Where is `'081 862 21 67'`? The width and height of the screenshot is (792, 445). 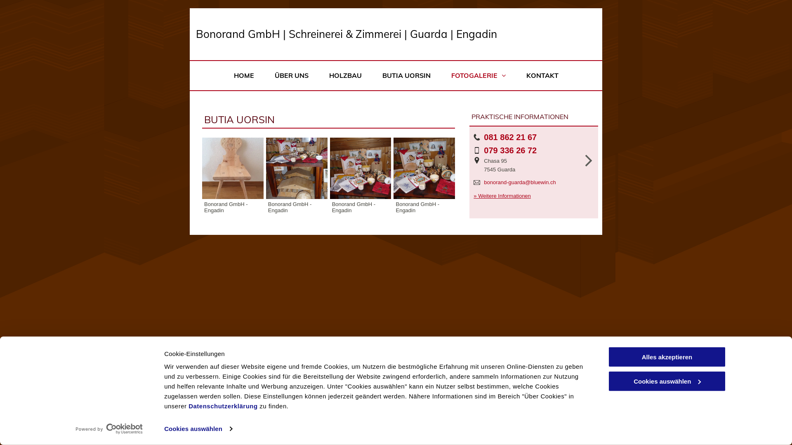
'081 862 21 67' is located at coordinates (510, 136).